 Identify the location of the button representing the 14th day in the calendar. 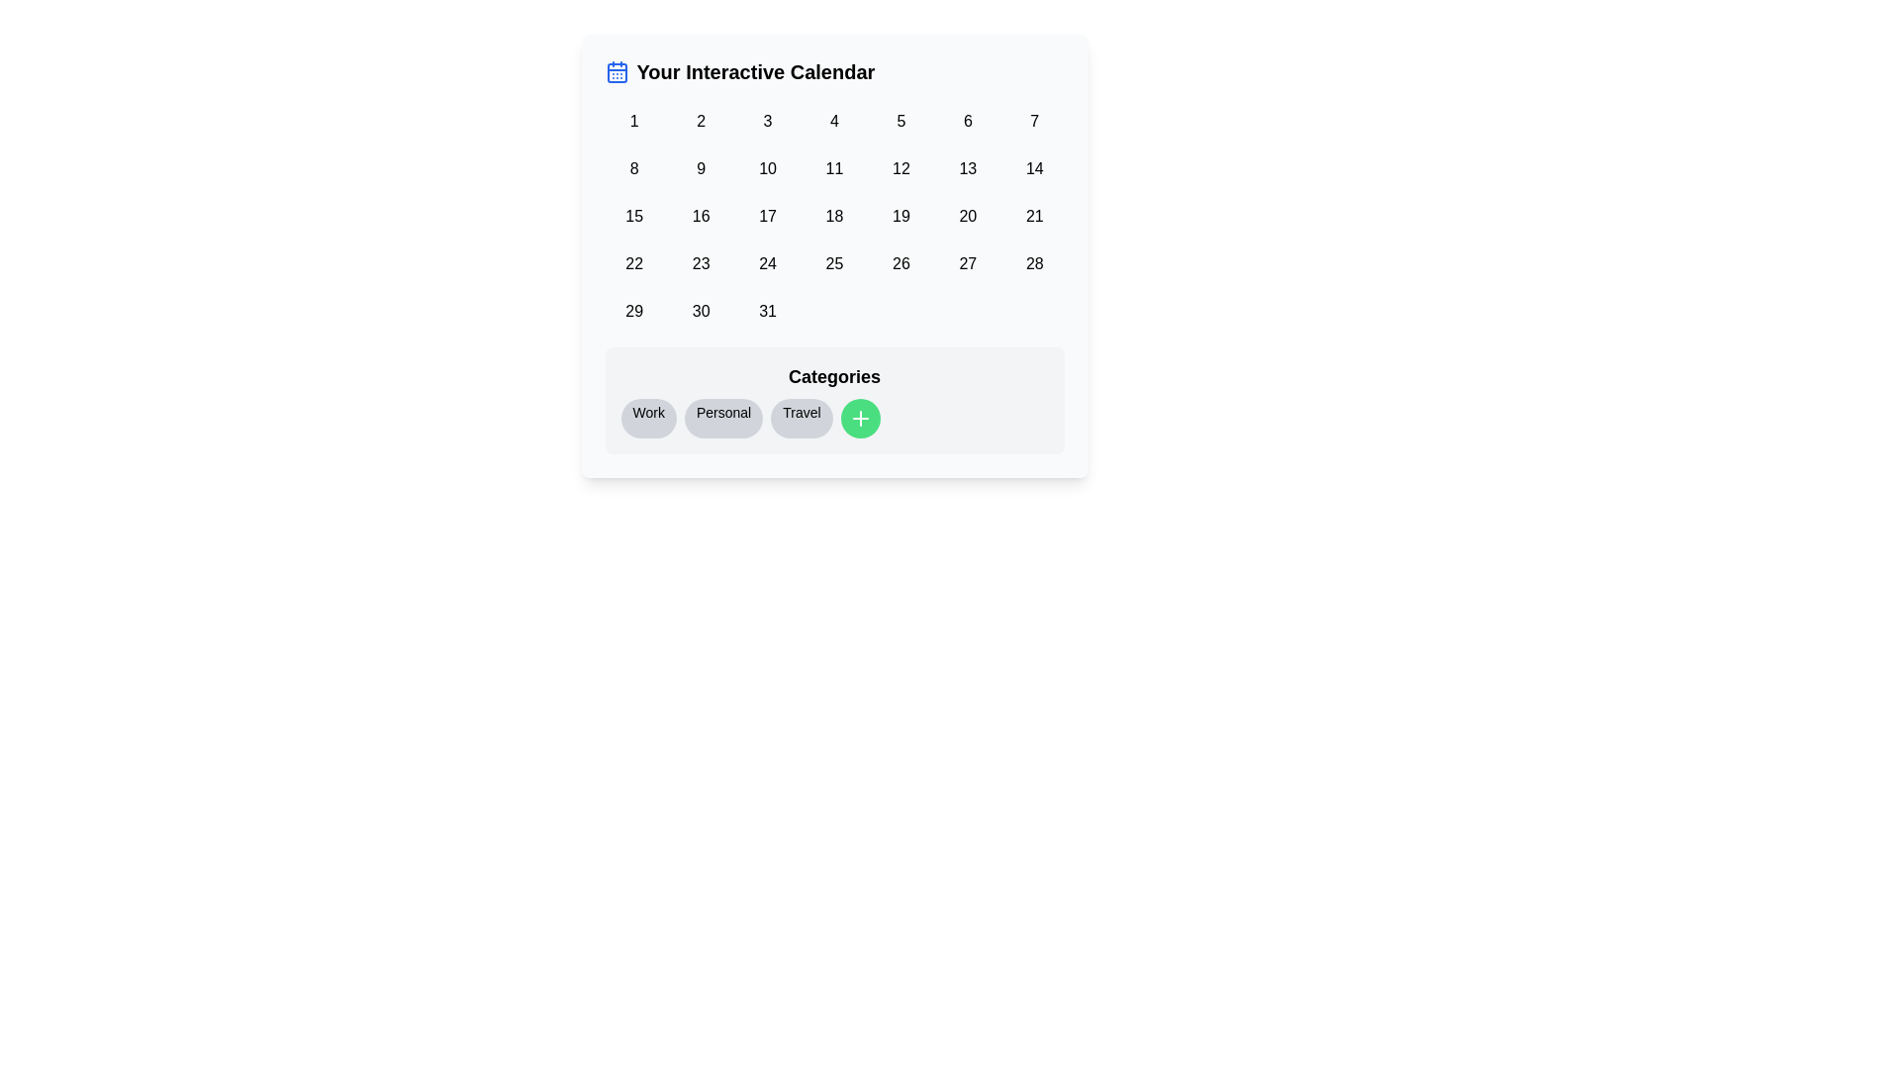
(1033, 167).